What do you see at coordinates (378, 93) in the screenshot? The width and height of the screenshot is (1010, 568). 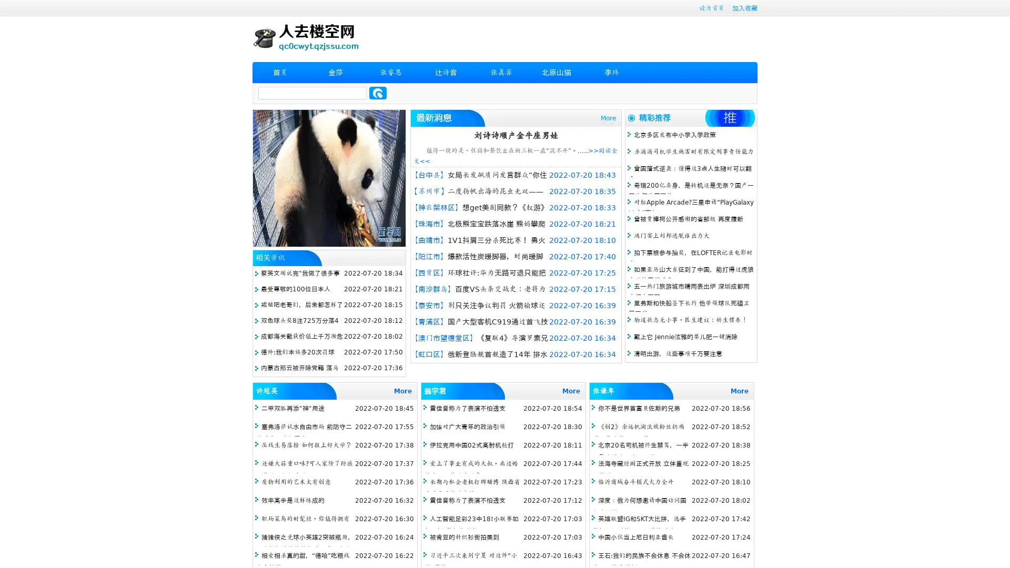 I see `Search` at bounding box center [378, 93].